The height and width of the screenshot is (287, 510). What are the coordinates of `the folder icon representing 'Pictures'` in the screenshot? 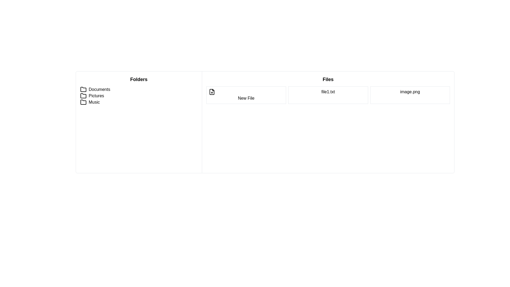 It's located at (83, 95).